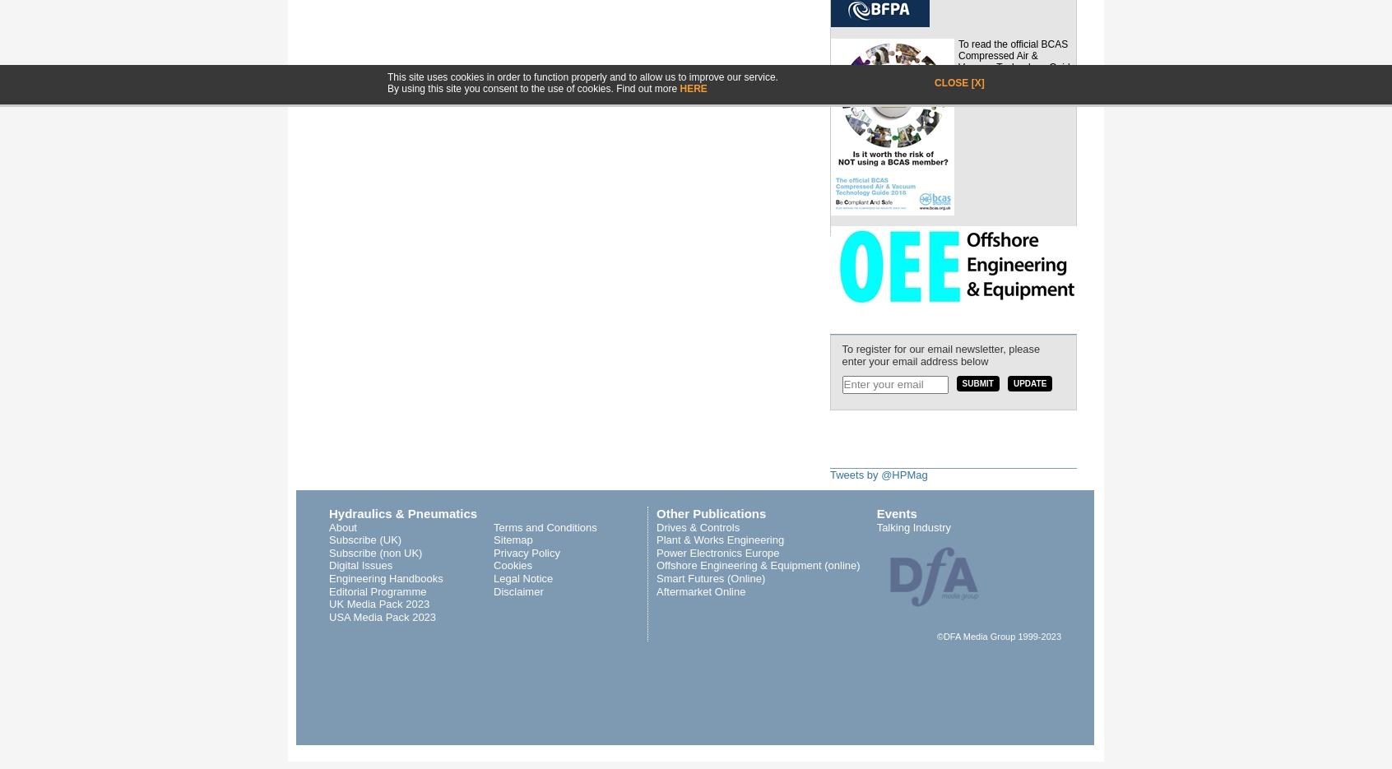  What do you see at coordinates (828, 454) in the screenshot?
I see `'Twitter'` at bounding box center [828, 454].